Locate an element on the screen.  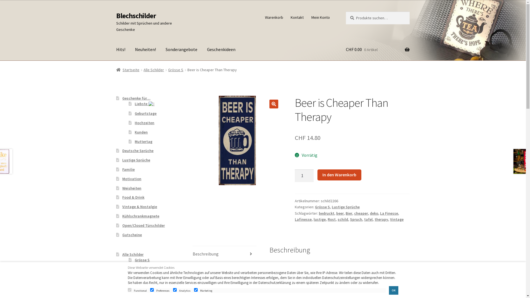
'Gutscheine' is located at coordinates (132, 235).